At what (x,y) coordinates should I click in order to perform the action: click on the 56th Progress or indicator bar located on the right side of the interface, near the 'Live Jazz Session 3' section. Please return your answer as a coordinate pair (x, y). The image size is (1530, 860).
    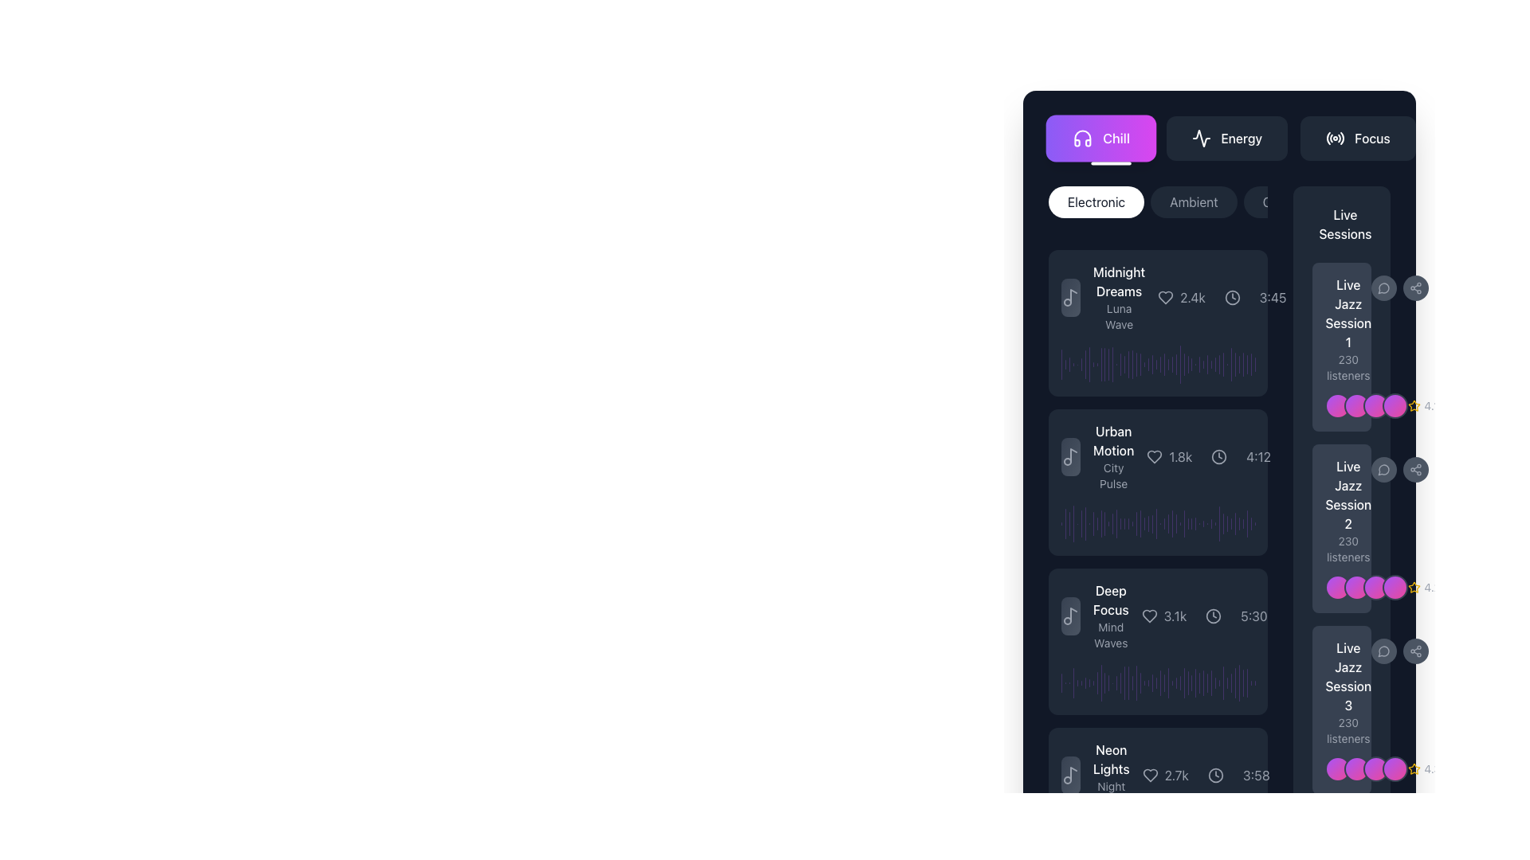
    Looking at the image, I should click on (1230, 841).